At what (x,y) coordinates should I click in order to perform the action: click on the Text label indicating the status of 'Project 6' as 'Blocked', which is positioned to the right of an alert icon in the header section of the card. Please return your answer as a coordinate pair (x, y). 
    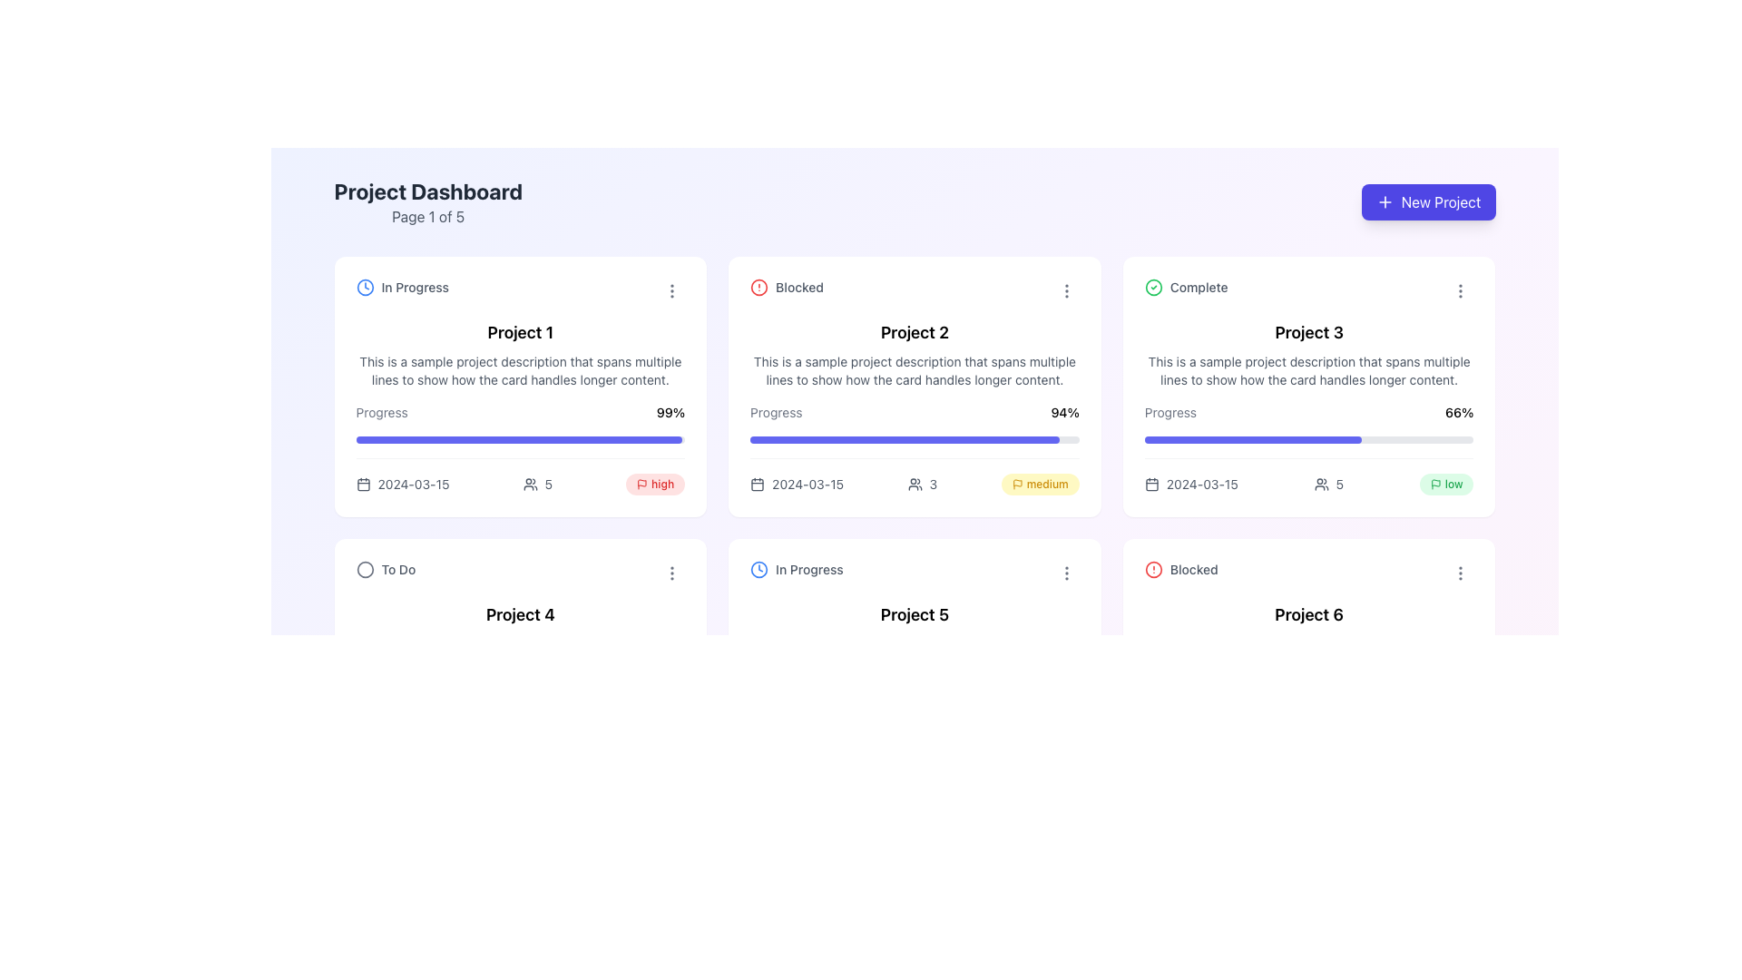
    Looking at the image, I should click on (1194, 569).